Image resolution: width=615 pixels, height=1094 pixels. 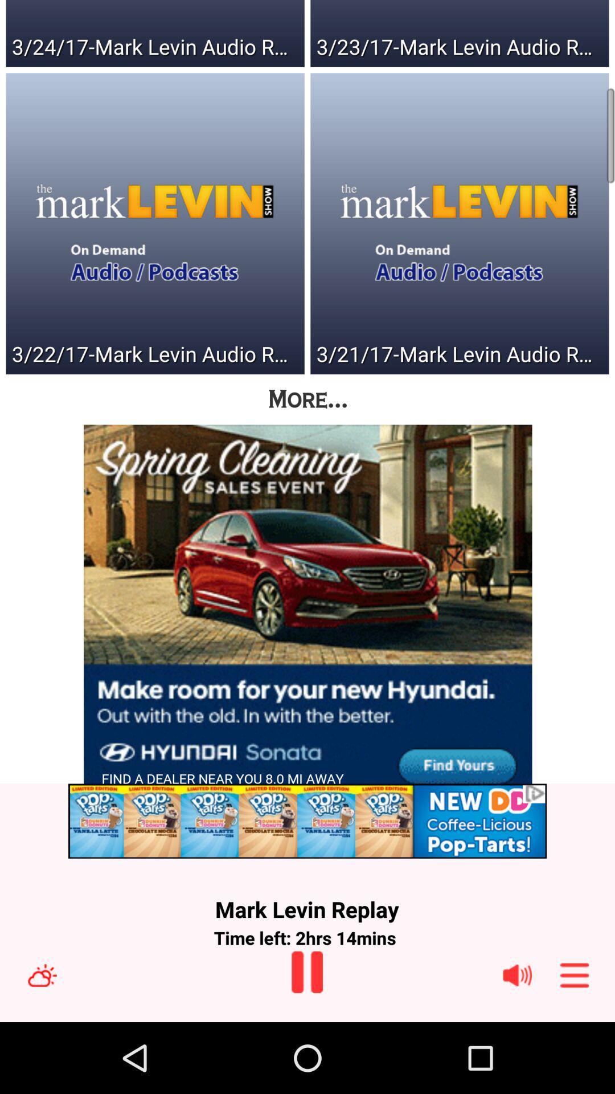 I want to click on volume, so click(x=517, y=974).